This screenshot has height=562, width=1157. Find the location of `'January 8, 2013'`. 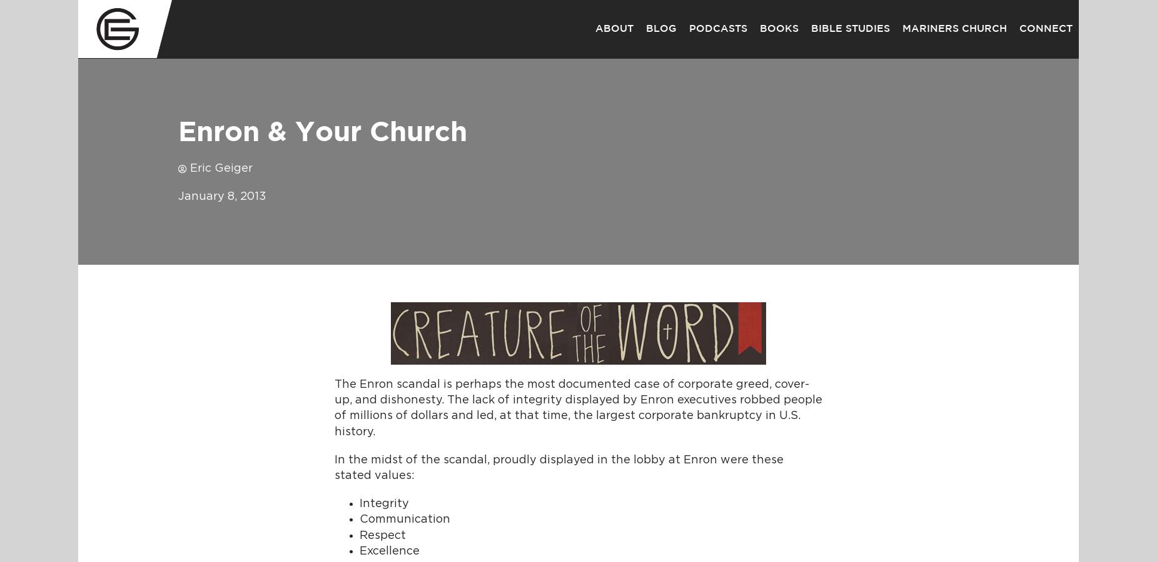

'January 8, 2013' is located at coordinates (178, 196).